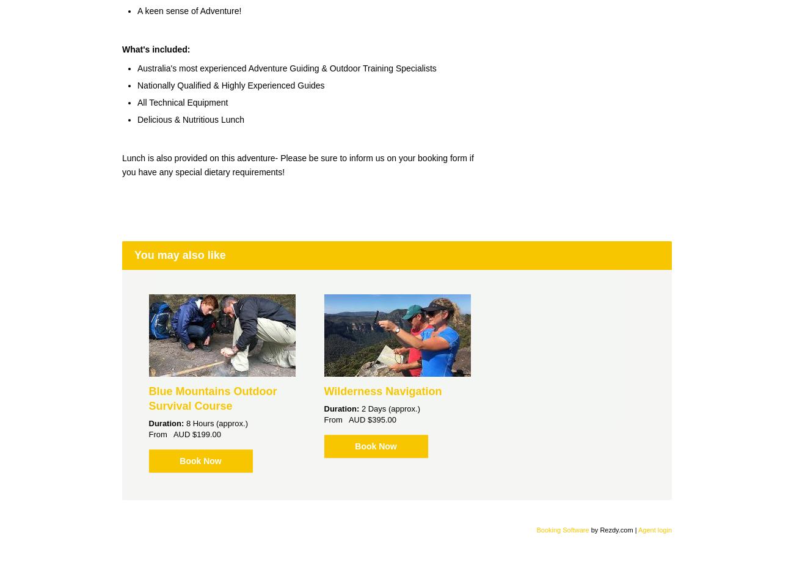 The image size is (794, 563). I want to click on '$395.00', so click(382, 419).